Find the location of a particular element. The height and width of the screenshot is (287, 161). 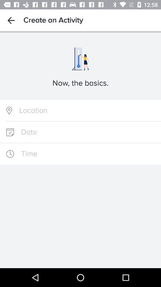

item to the left of the create an activity app is located at coordinates (11, 20).